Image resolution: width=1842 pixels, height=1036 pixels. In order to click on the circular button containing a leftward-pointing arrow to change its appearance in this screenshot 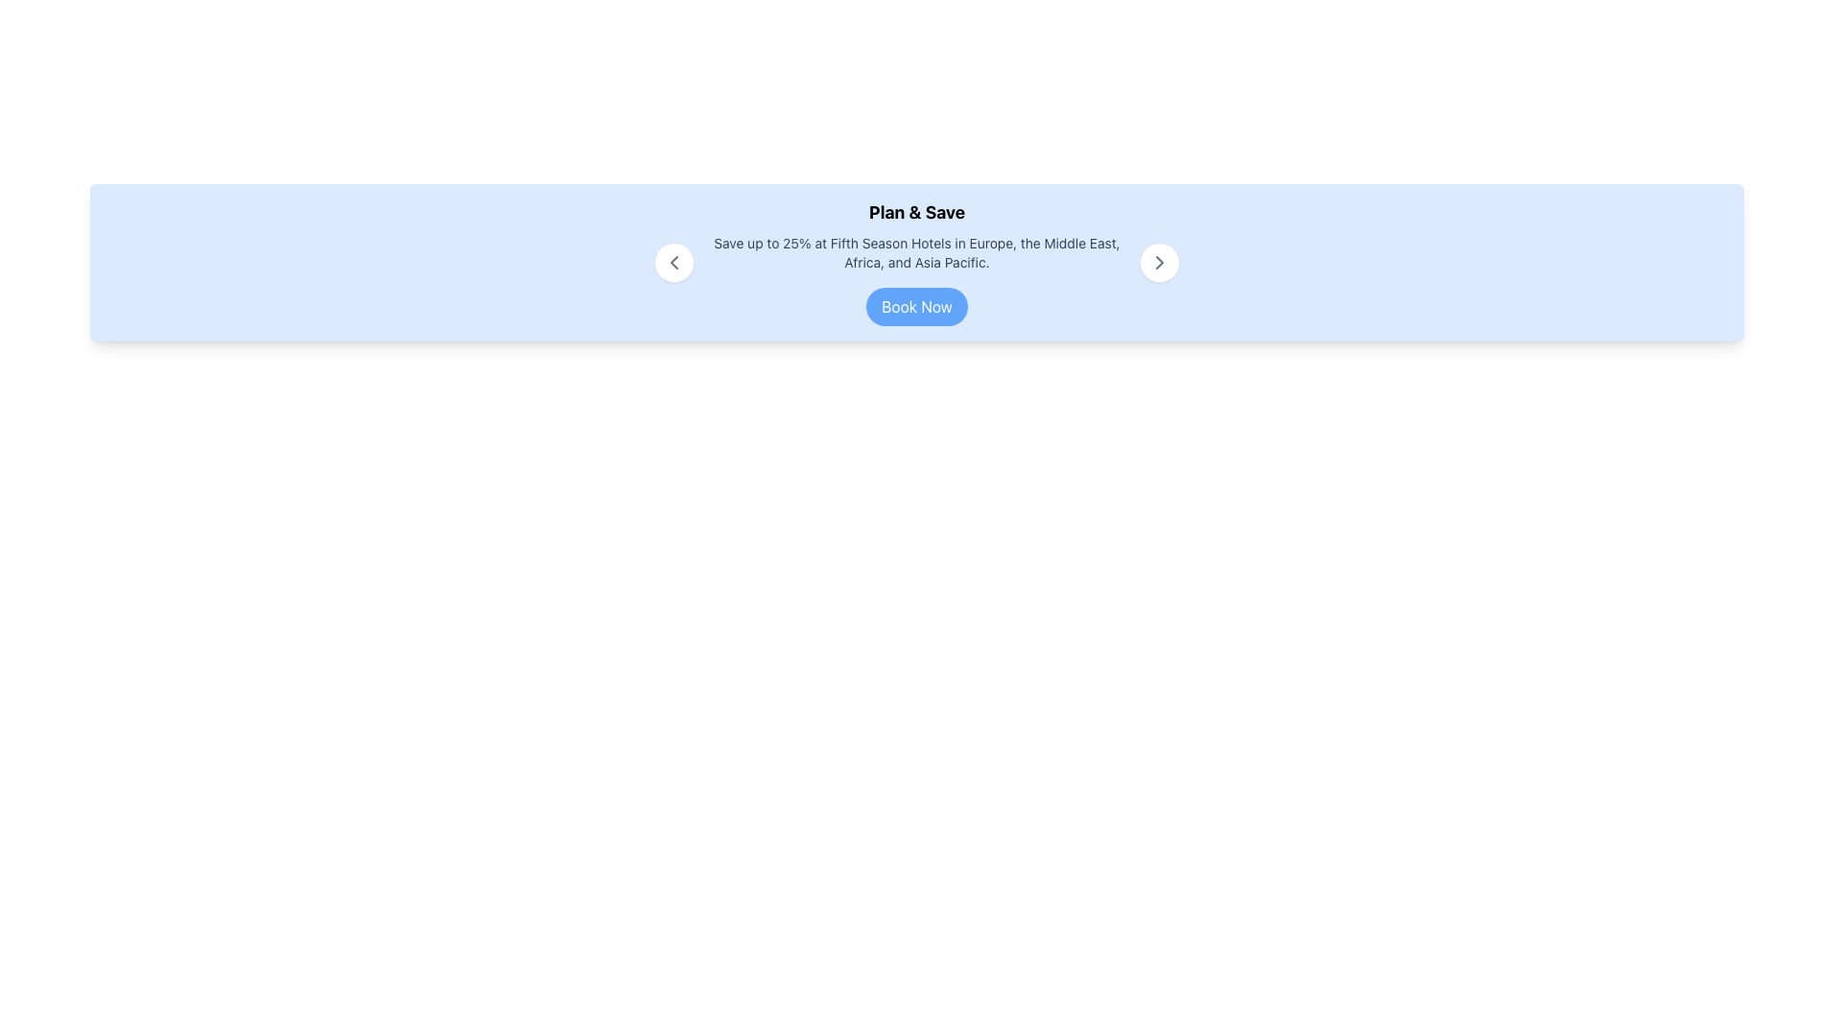, I will do `click(673, 262)`.